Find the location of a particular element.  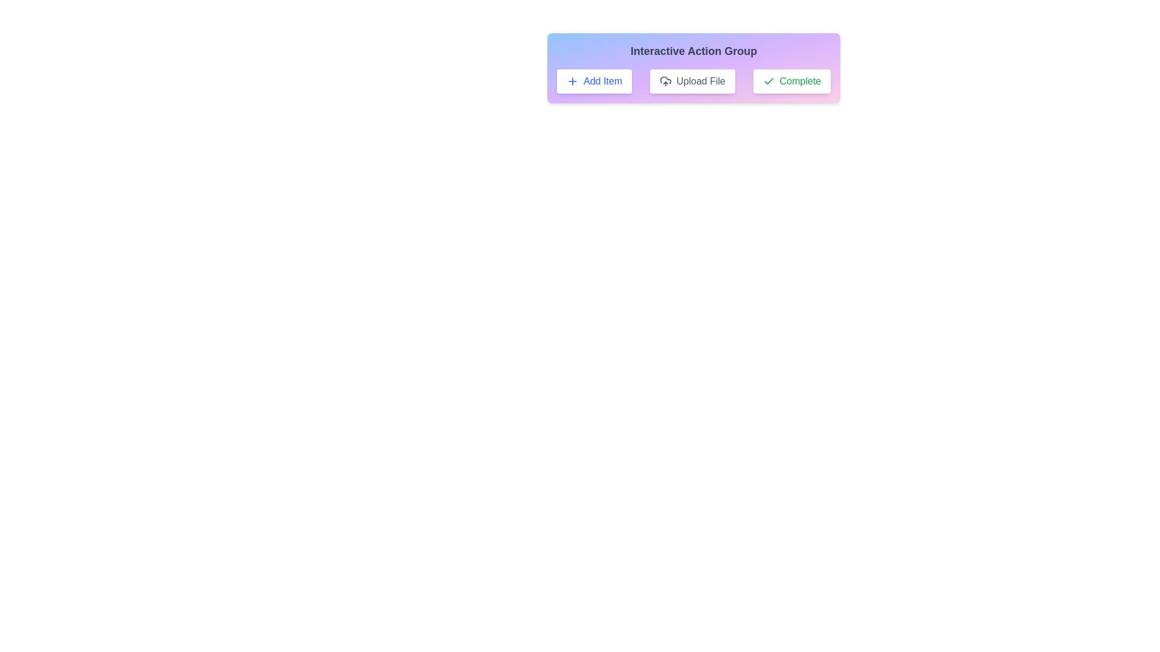

the label text of the upload button located in the middle of the interface, adjacent to the cloud upload icon, between the 'Add Item' and 'Complete' buttons is located at coordinates (701, 81).